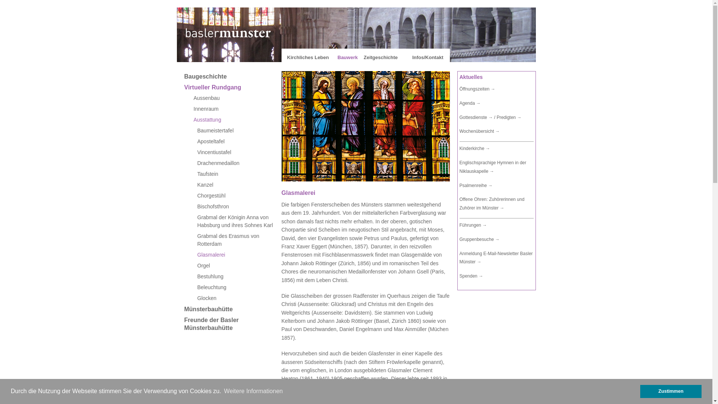  What do you see at coordinates (234, 240) in the screenshot?
I see `'Grabmal des Erasmus von Rotterdam'` at bounding box center [234, 240].